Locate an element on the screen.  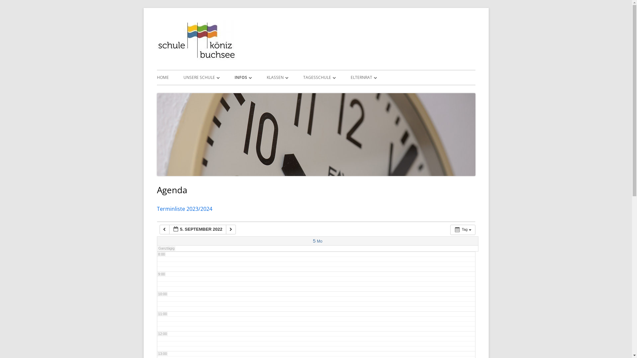
'TAGESSCHULE' is located at coordinates (303, 77).